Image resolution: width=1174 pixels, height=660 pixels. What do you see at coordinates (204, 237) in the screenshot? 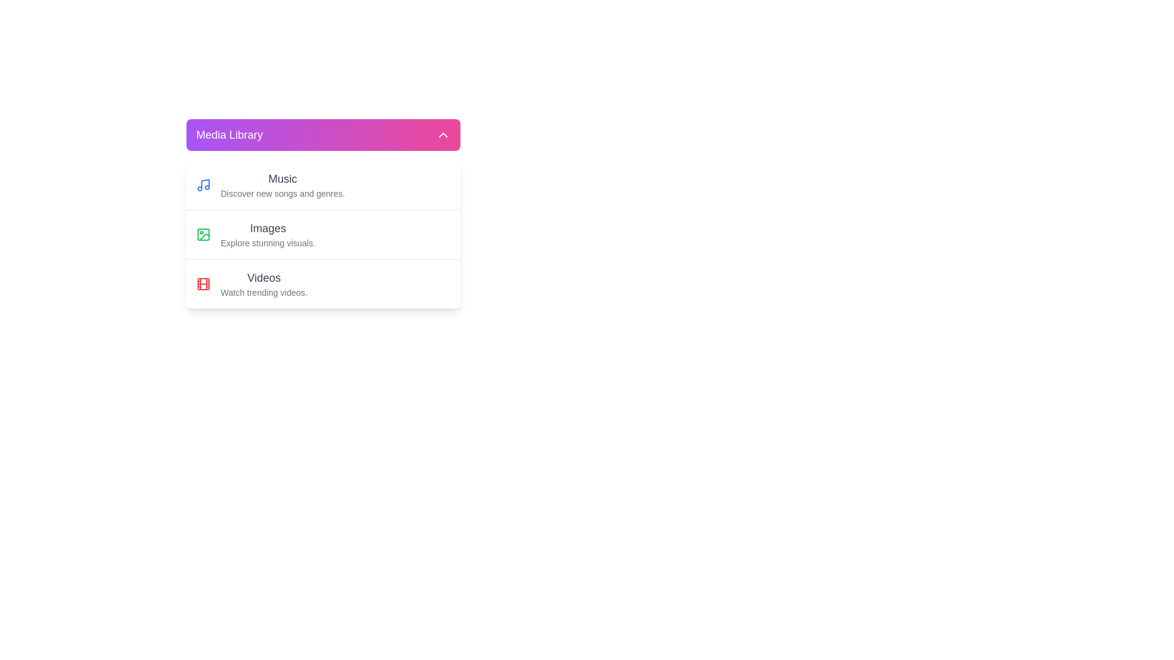
I see `the state of the diagonal line forming part of the landscape in the green 'Images' icon within the 'Media Library' menu, located to the right of the 'Images' text label` at bounding box center [204, 237].